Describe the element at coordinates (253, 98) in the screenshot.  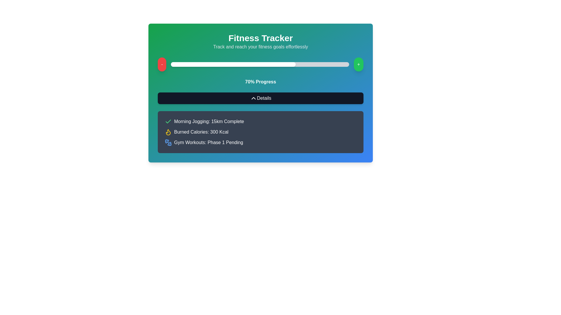
I see `the chevron-shaped icon button inside the black 'Details' button` at that location.